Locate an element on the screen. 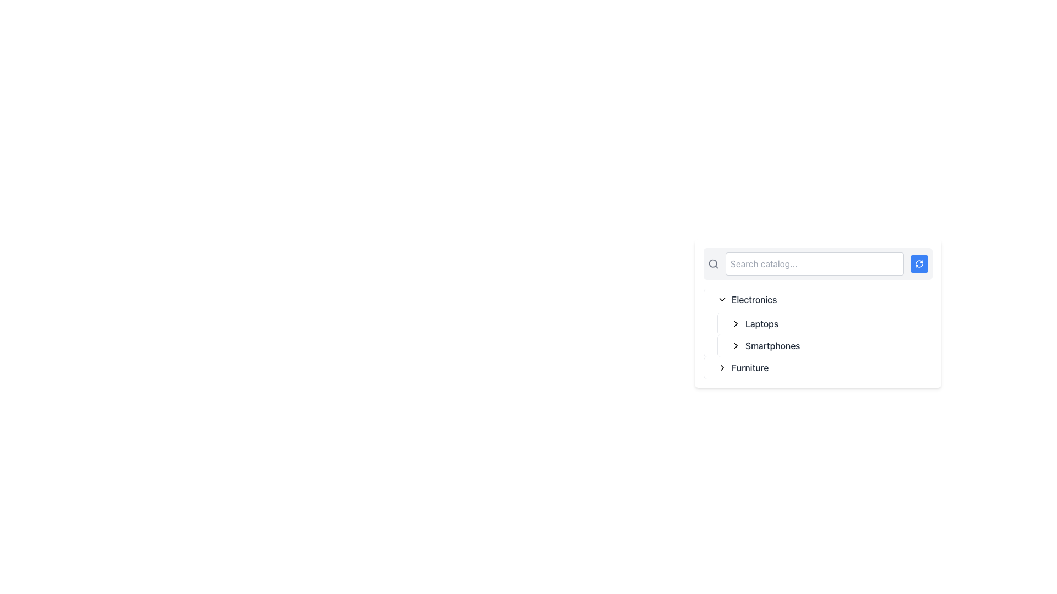 The height and width of the screenshot is (594, 1057). the refresh icon located within a blue button to the right of the search input field in the control panel to refresh the content is located at coordinates (919, 263).